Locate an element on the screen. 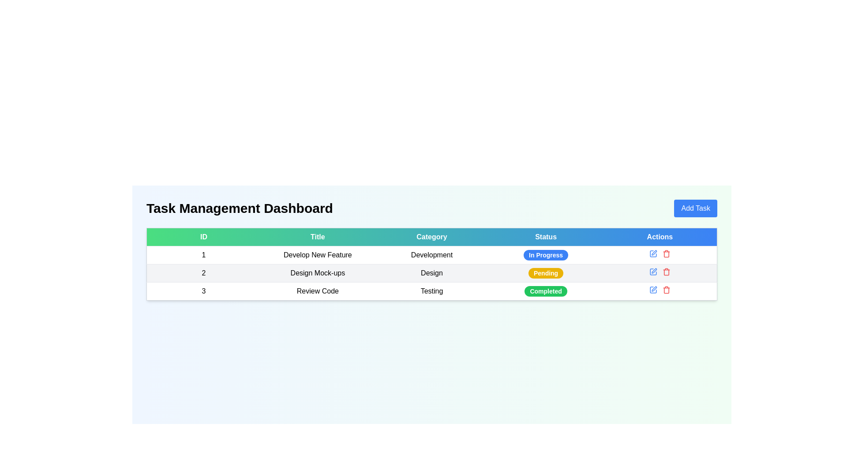 The image size is (847, 476). the first task identifier in the task management dashboard table under the 'ID' header is located at coordinates (203, 255).